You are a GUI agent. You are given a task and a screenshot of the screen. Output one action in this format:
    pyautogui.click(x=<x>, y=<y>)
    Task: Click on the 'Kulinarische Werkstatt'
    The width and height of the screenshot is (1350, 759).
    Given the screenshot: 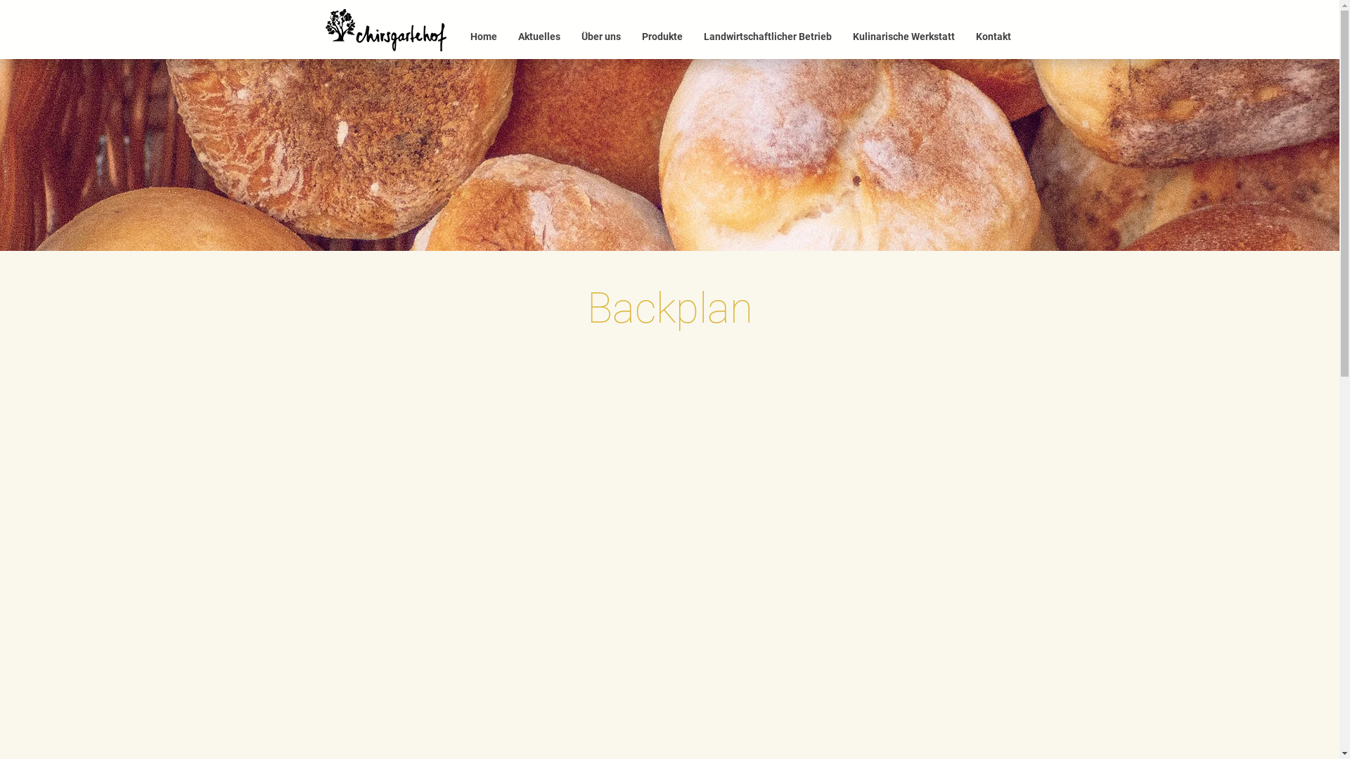 What is the action you would take?
    pyautogui.click(x=904, y=36)
    